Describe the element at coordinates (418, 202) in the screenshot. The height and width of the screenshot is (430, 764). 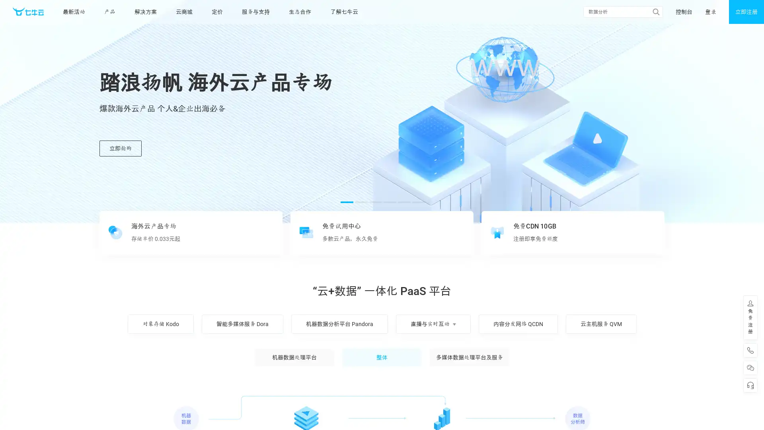
I see `6` at that location.